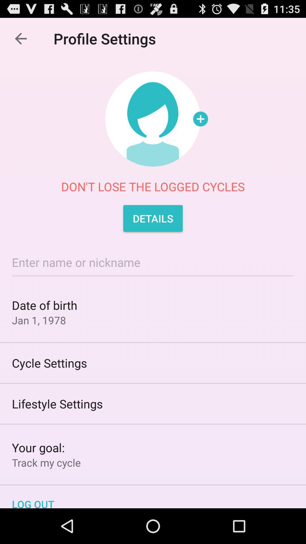  Describe the element at coordinates (153, 262) in the screenshot. I see `item below details icon` at that location.